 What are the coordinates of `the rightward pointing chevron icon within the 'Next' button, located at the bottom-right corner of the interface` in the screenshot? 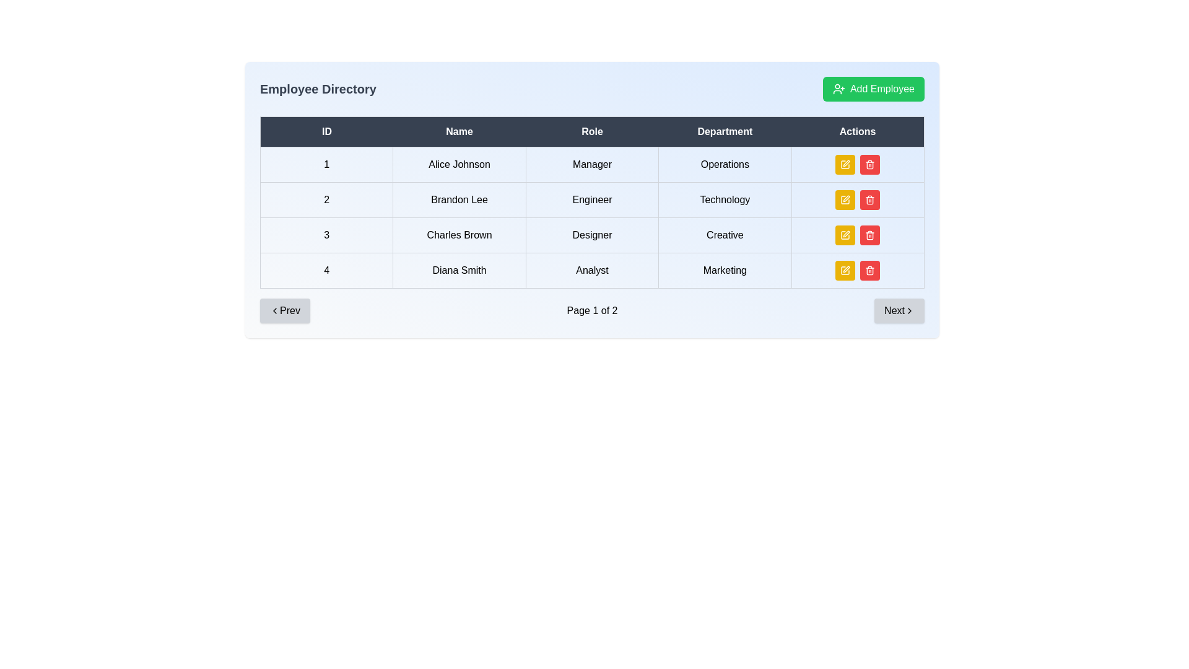 It's located at (909, 310).